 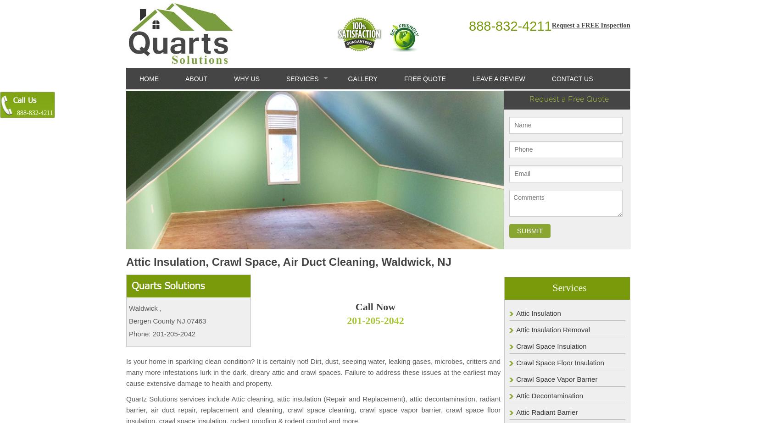 What do you see at coordinates (516, 329) in the screenshot?
I see `'Attic Insulation Removal'` at bounding box center [516, 329].